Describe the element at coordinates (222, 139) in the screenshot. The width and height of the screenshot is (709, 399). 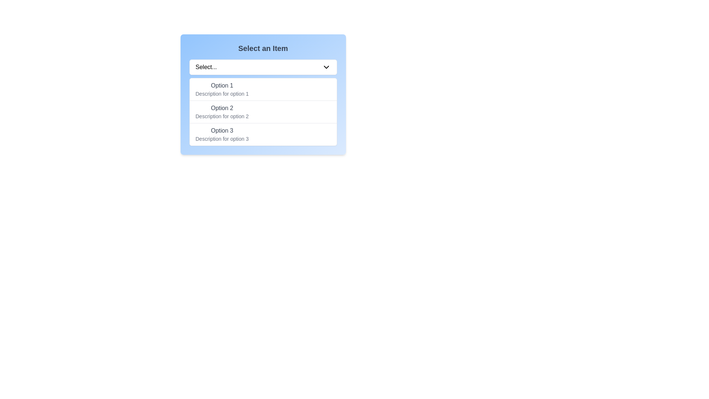
I see `descriptive text label located directly beneath 'Option 3' in the dropdown options list, which provides additional information about the third option` at that location.